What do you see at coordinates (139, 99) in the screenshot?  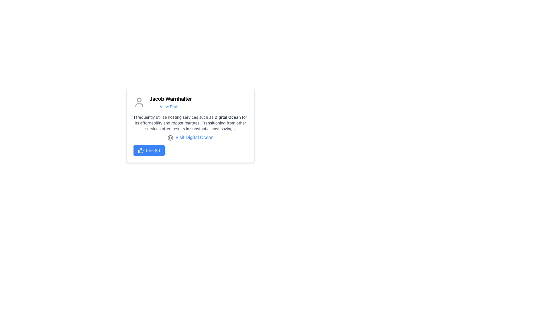 I see `the SVG Circle element that represents the head piece of a user avatar icon, located at the top section of the user profile card` at bounding box center [139, 99].